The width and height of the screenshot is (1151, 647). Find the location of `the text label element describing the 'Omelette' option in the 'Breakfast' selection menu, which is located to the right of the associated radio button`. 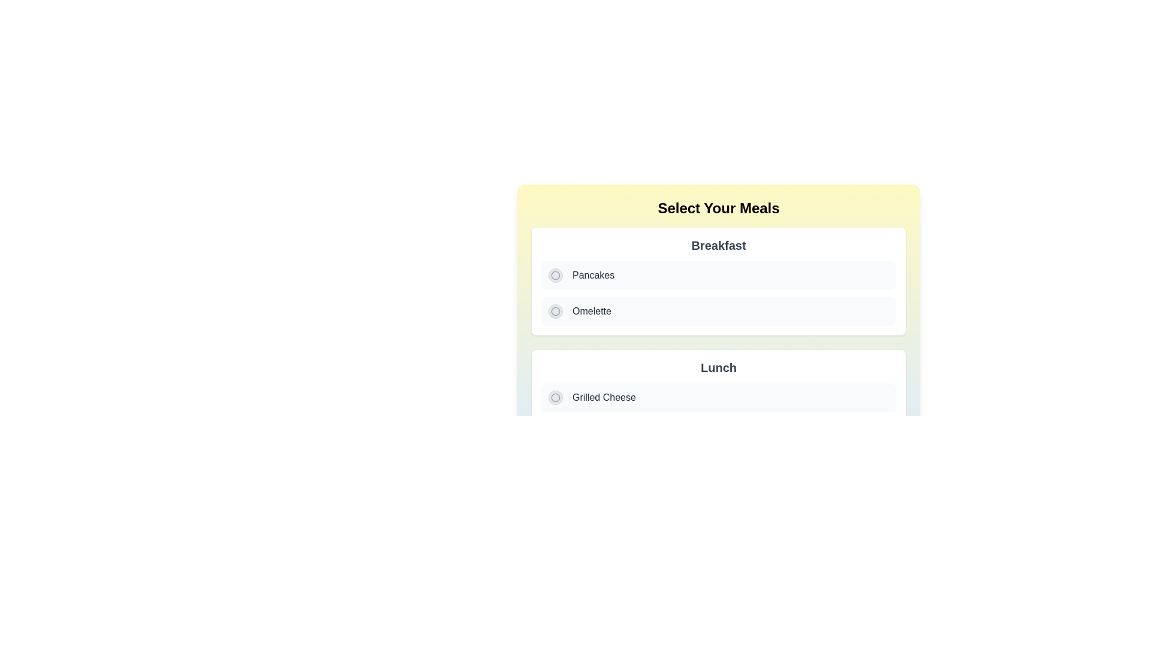

the text label element describing the 'Omelette' option in the 'Breakfast' selection menu, which is located to the right of the associated radio button is located at coordinates (592, 311).